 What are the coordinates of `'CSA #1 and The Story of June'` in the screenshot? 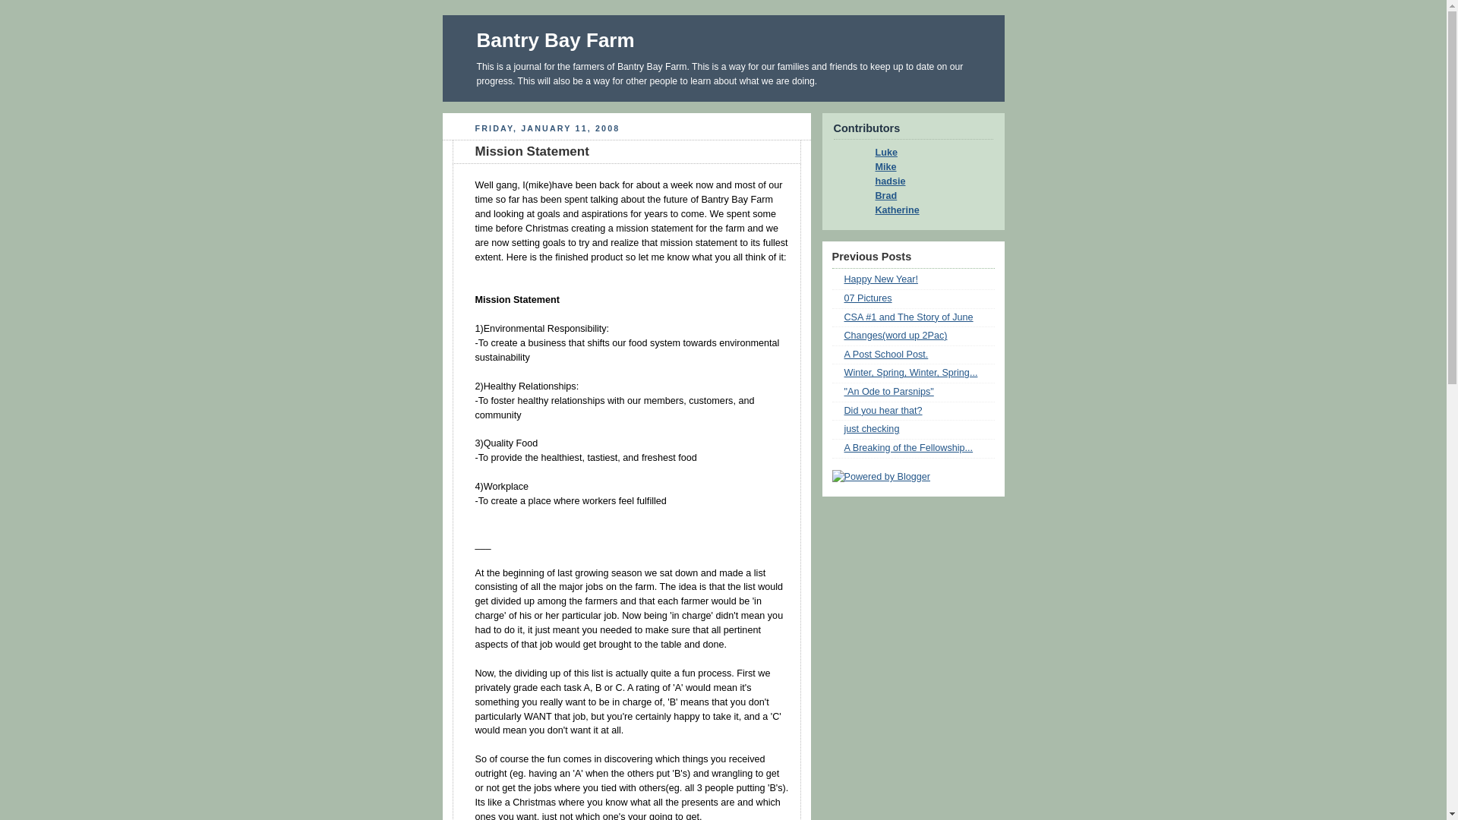 It's located at (908, 316).